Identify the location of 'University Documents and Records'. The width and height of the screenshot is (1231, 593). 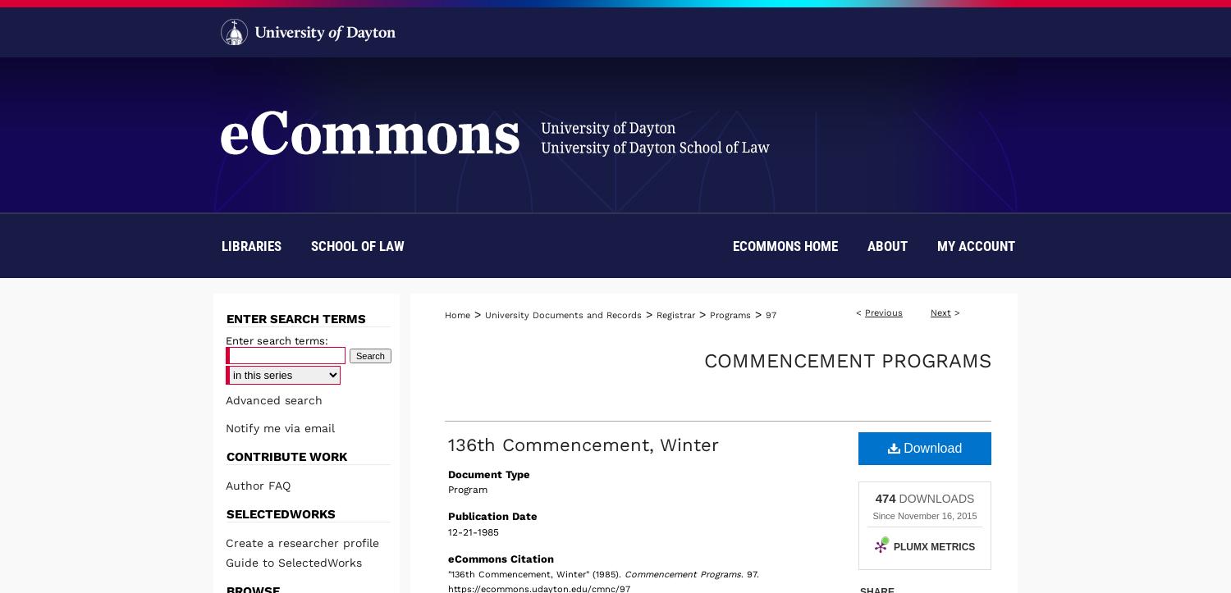
(563, 314).